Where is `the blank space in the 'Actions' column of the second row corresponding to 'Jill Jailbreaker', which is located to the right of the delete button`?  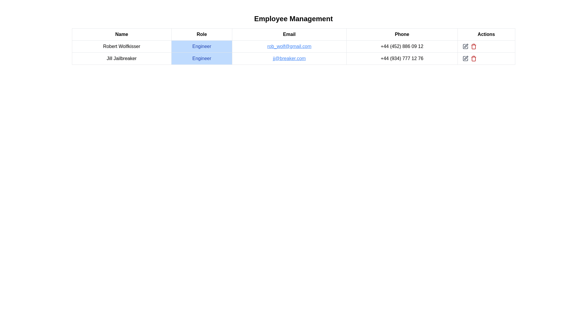
the blank space in the 'Actions' column of the second row corresponding to 'Jill Jailbreaker', which is located to the right of the delete button is located at coordinates (486, 59).